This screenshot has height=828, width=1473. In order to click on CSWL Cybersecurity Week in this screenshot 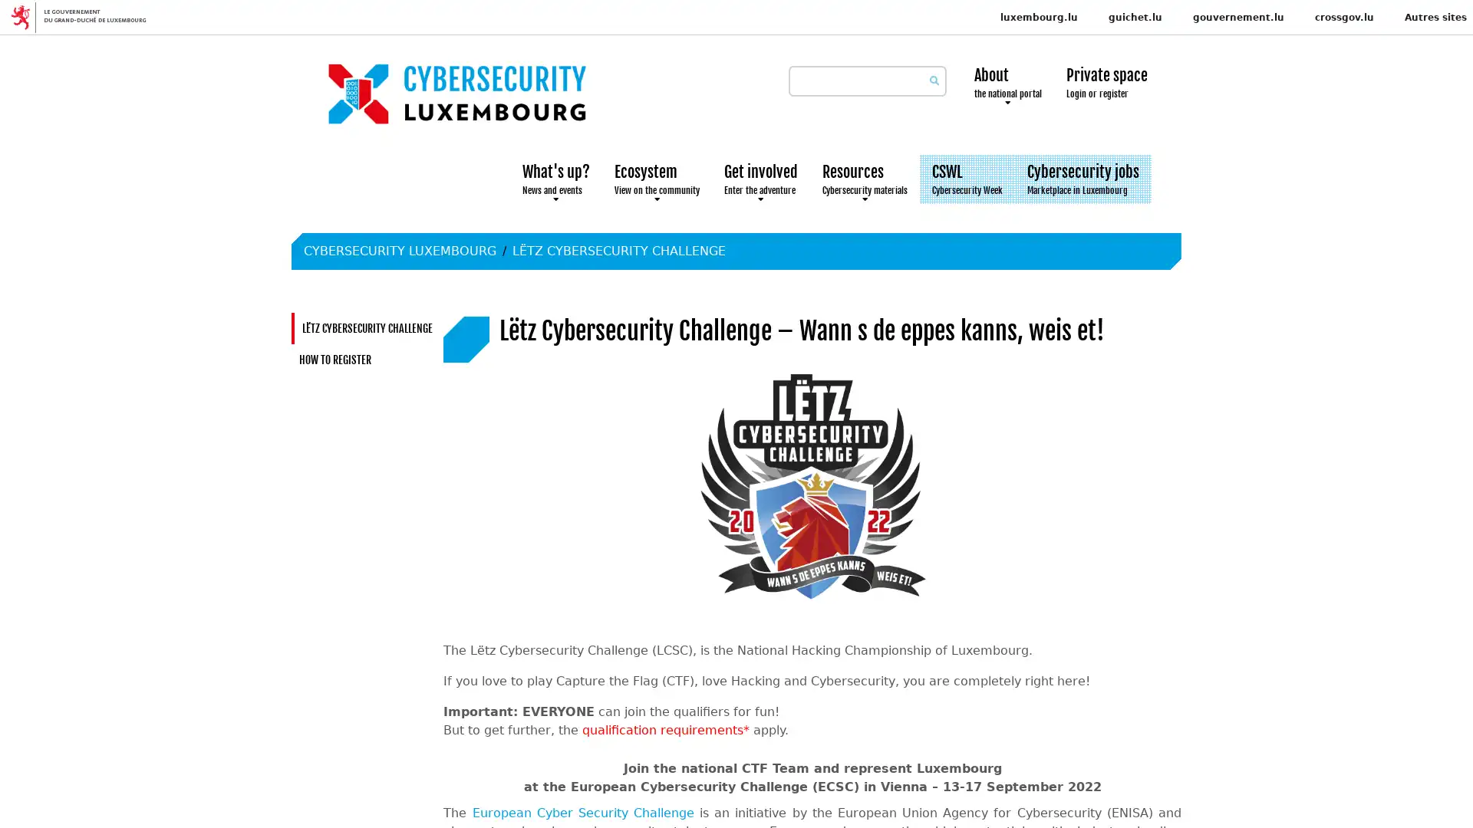, I will do `click(967, 179)`.